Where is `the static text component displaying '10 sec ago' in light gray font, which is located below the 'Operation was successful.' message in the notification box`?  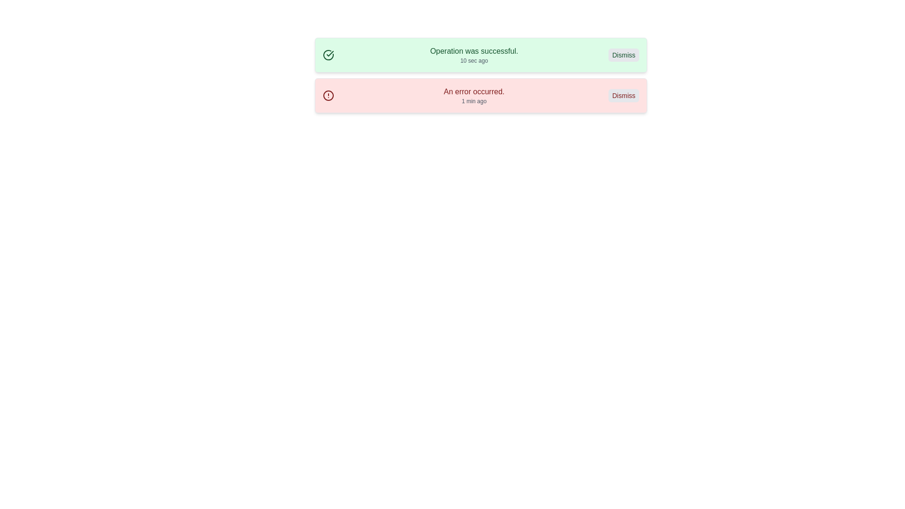 the static text component displaying '10 sec ago' in light gray font, which is located below the 'Operation was successful.' message in the notification box is located at coordinates (474, 60).